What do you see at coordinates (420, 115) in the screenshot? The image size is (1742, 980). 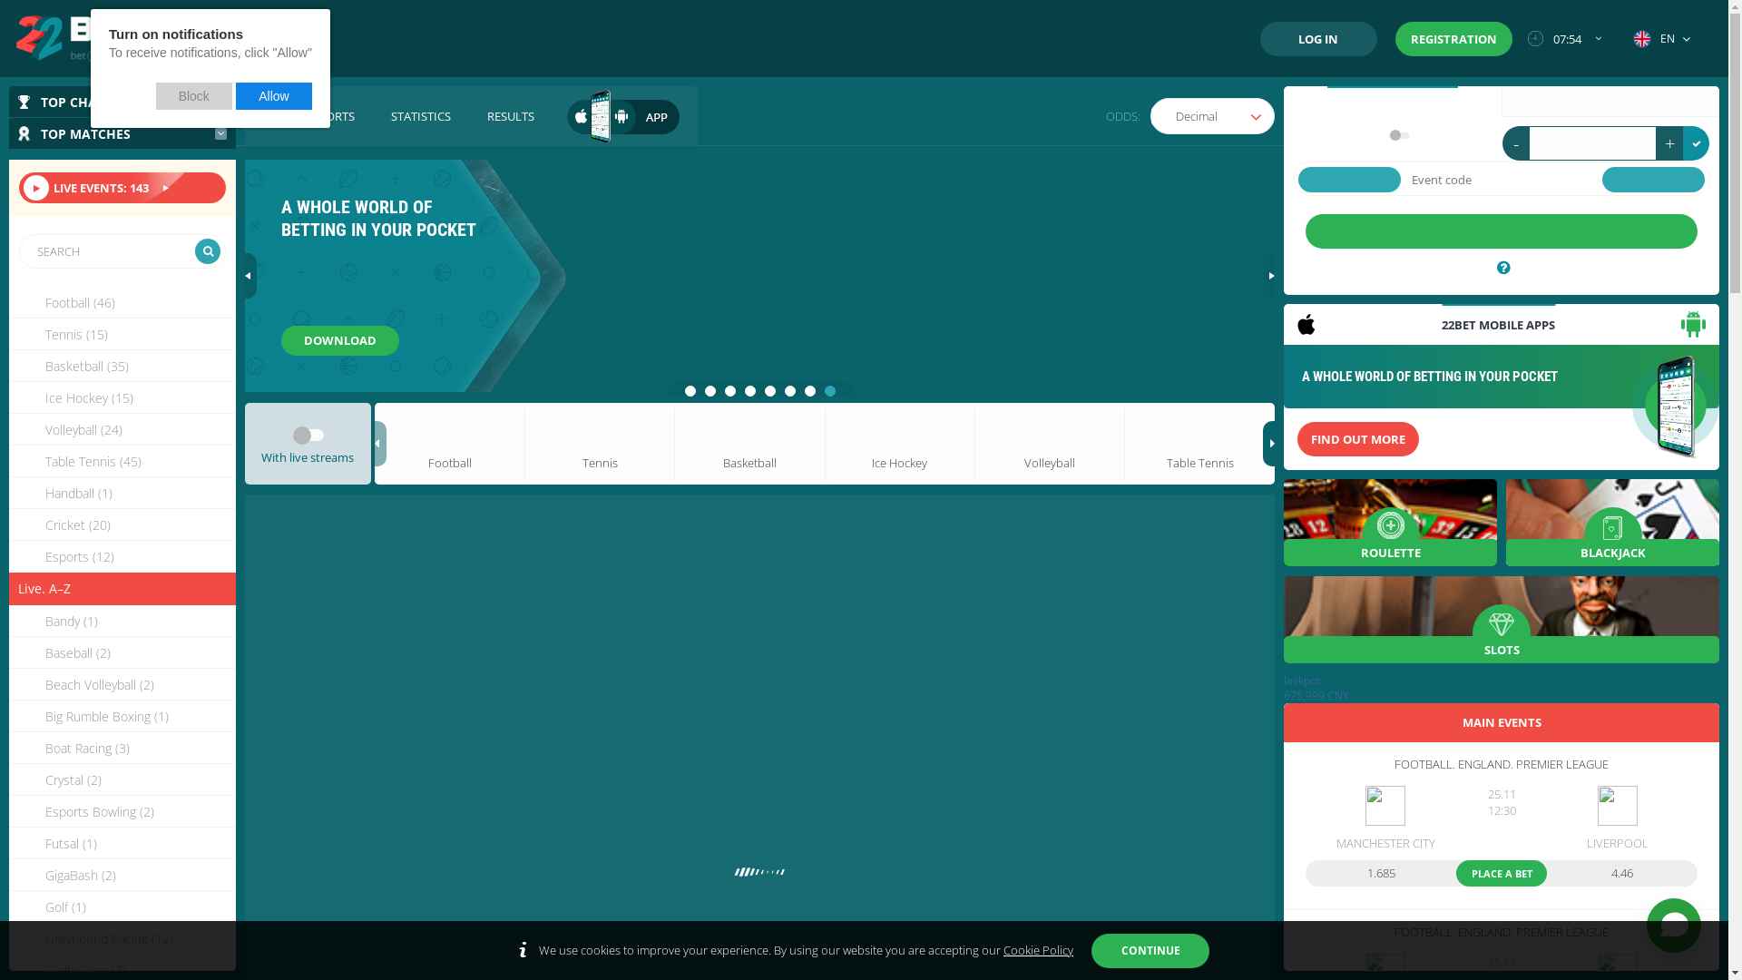 I see `'STATISTICS'` at bounding box center [420, 115].